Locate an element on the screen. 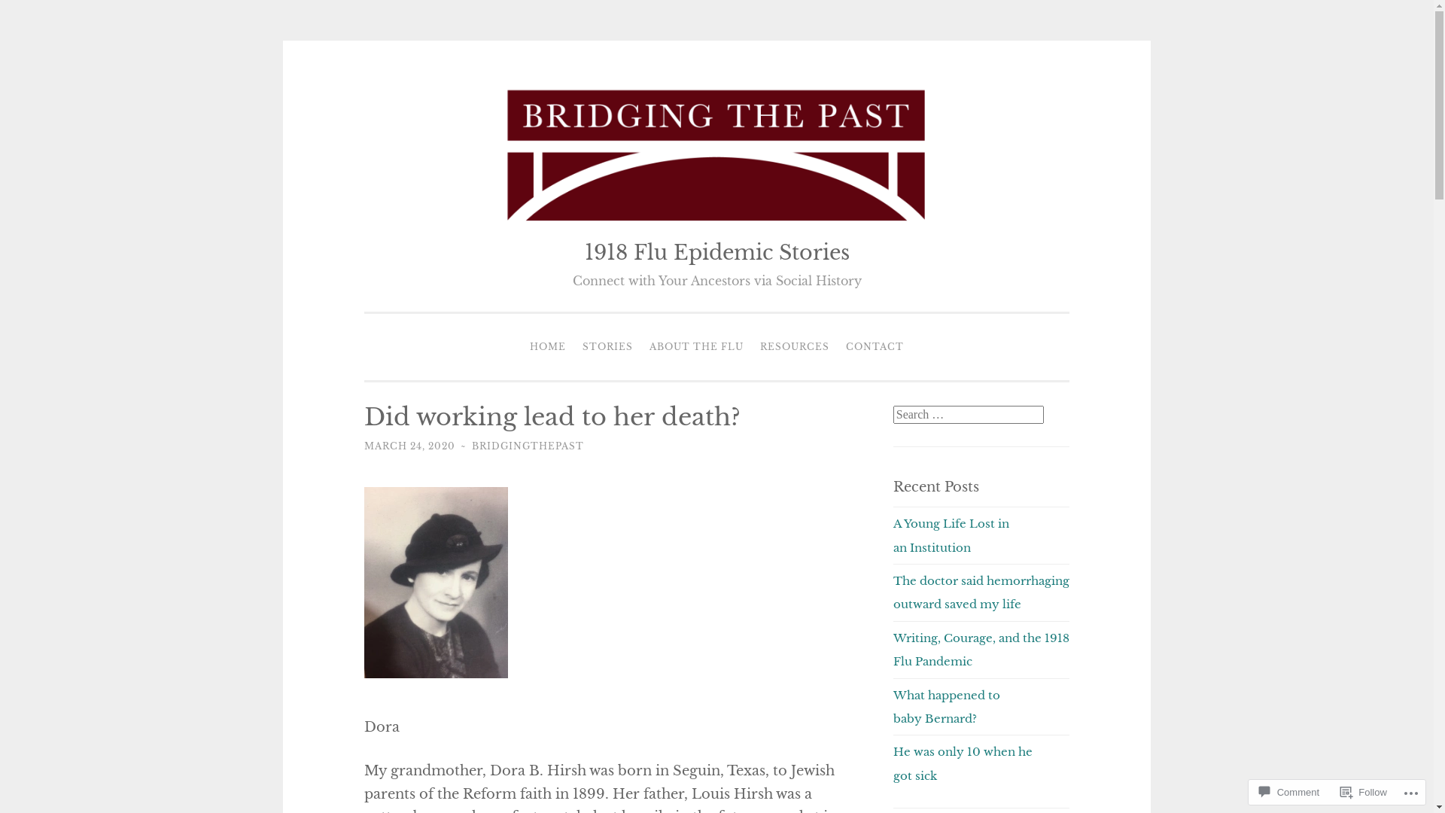 The width and height of the screenshot is (1445, 813). 'Writing, Courage, and the 1918 Flu Pandemic' is located at coordinates (981, 649).